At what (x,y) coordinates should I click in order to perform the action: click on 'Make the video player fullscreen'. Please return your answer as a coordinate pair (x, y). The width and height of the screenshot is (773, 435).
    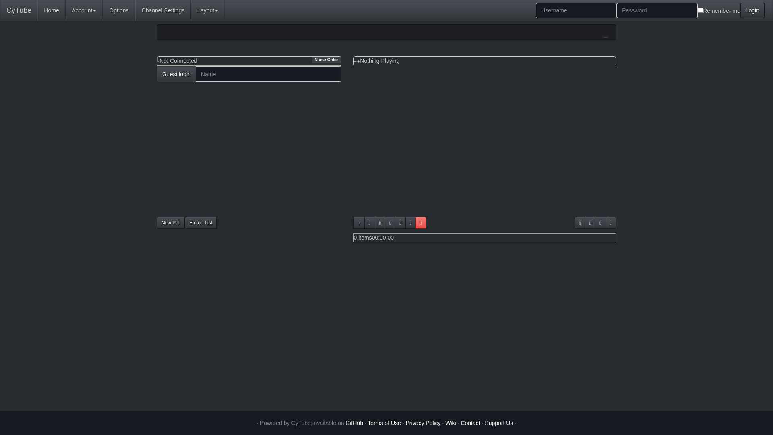
    Looking at the image, I should click on (590, 222).